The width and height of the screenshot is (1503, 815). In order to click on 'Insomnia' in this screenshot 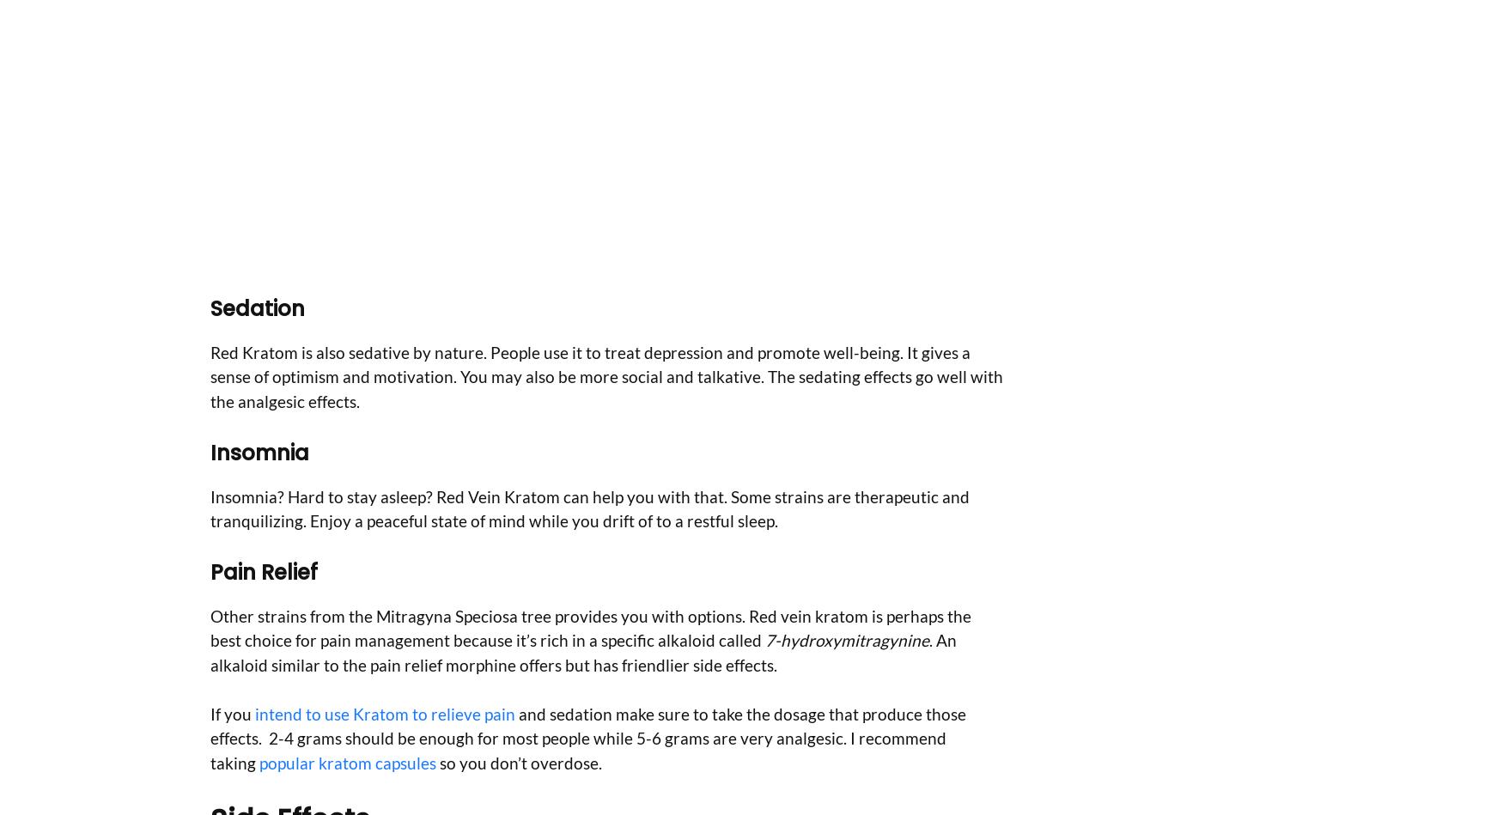, I will do `click(259, 452)`.